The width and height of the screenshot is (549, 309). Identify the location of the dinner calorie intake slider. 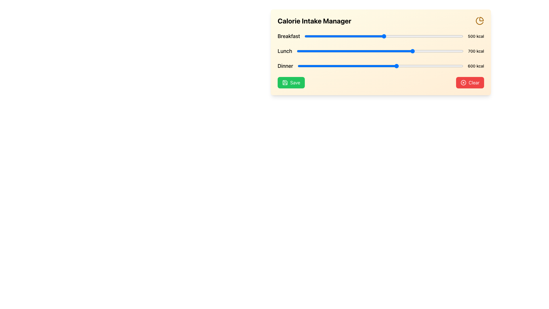
(381, 66).